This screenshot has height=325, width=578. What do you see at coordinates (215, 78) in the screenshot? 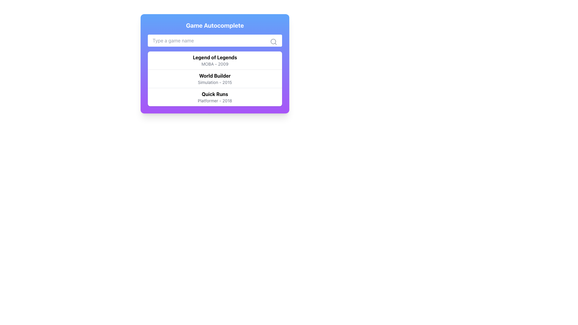
I see `the selectable list entry for the game titled 'World Builder' in the dropdown menu` at bounding box center [215, 78].